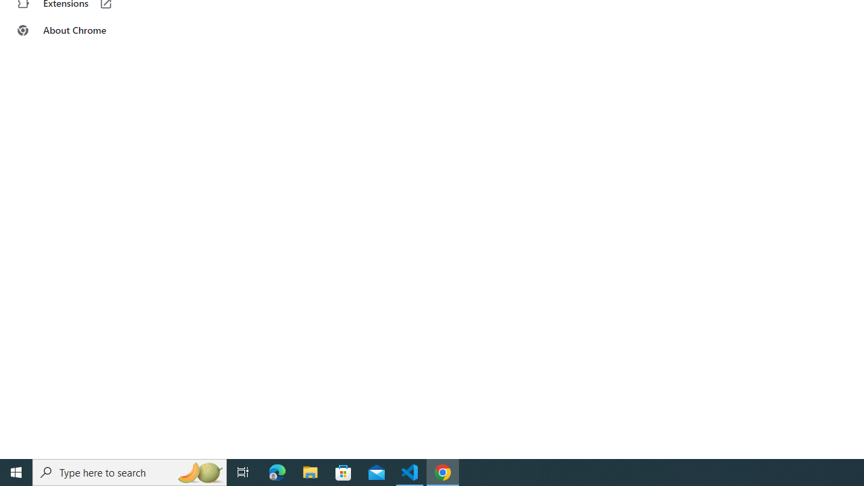 This screenshot has height=486, width=864. I want to click on 'Microsoft Edge', so click(277, 471).